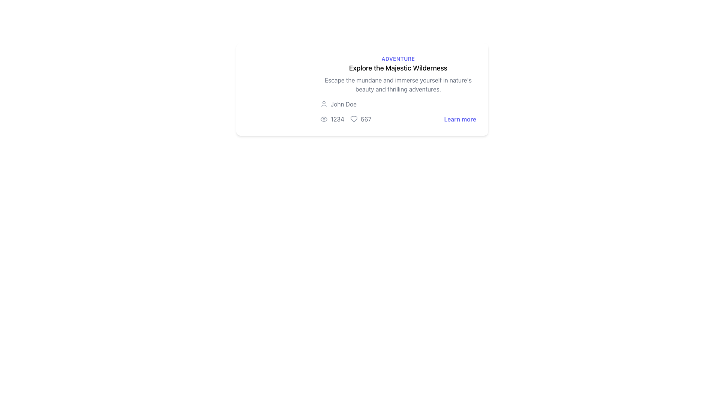  Describe the element at coordinates (324, 118) in the screenshot. I see `the eye icon located at the bottom section of the card layout, which is positioned to the left of the number '1234'` at that location.